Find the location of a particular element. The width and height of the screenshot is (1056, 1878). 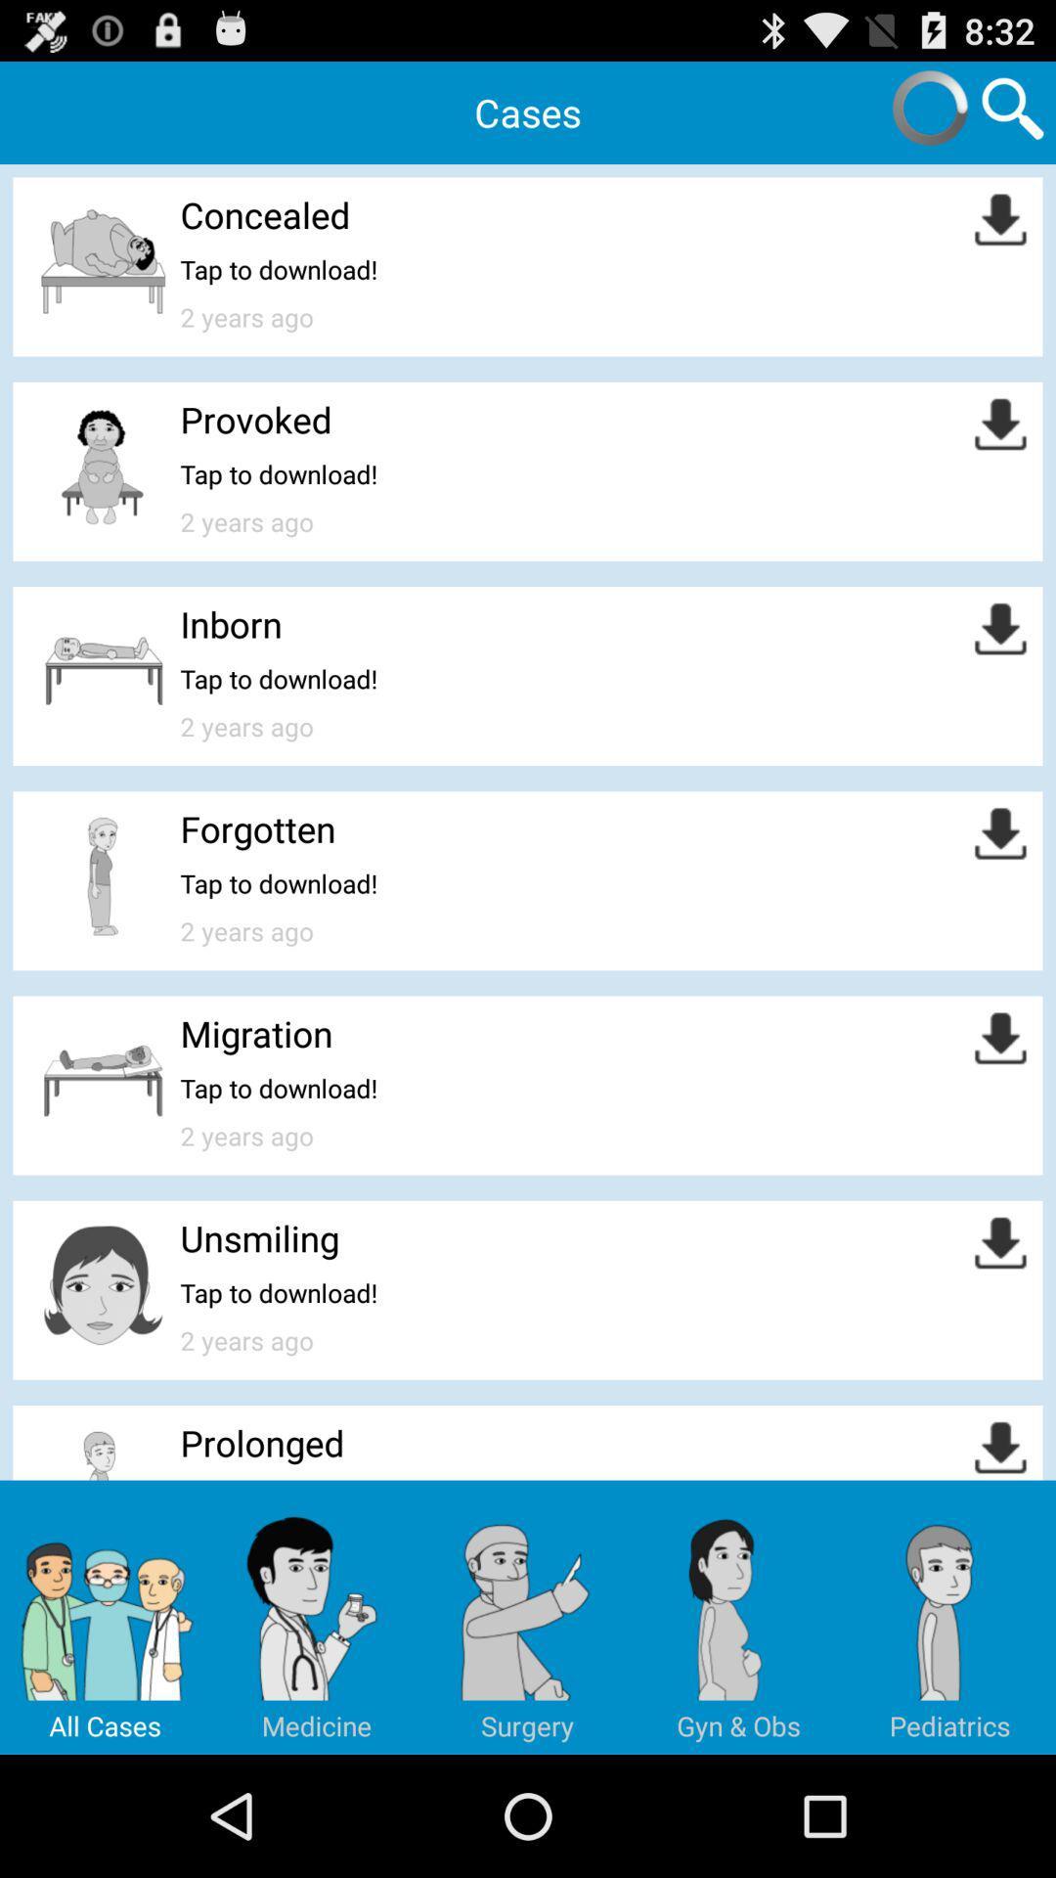

the migration app is located at coordinates (255, 1032).